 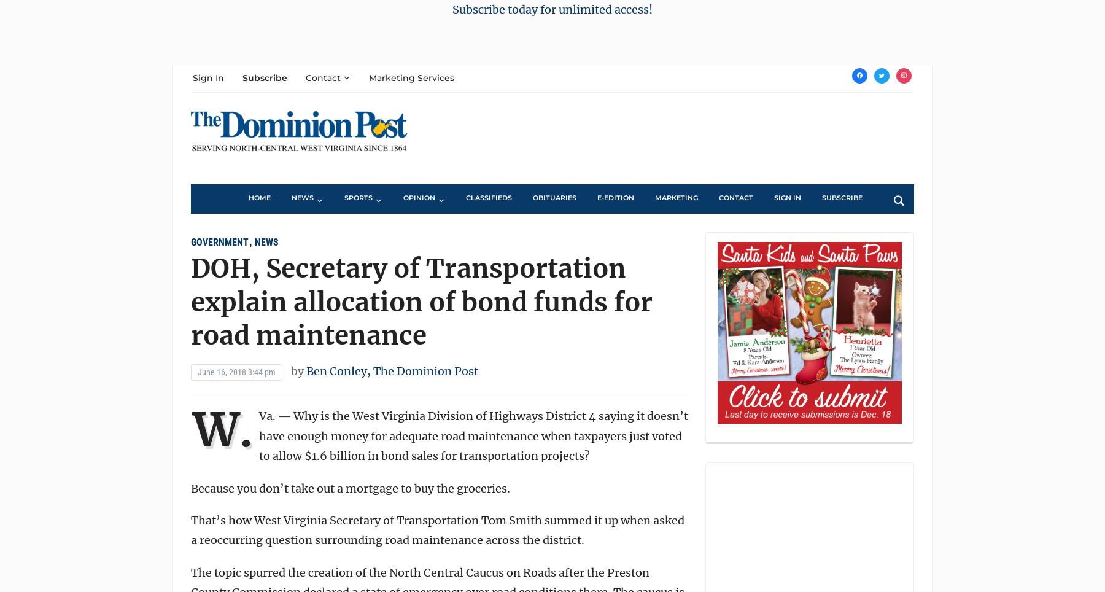 I want to click on 'Because you don’t take out a mortgage to buy the groceries.', so click(x=350, y=488).